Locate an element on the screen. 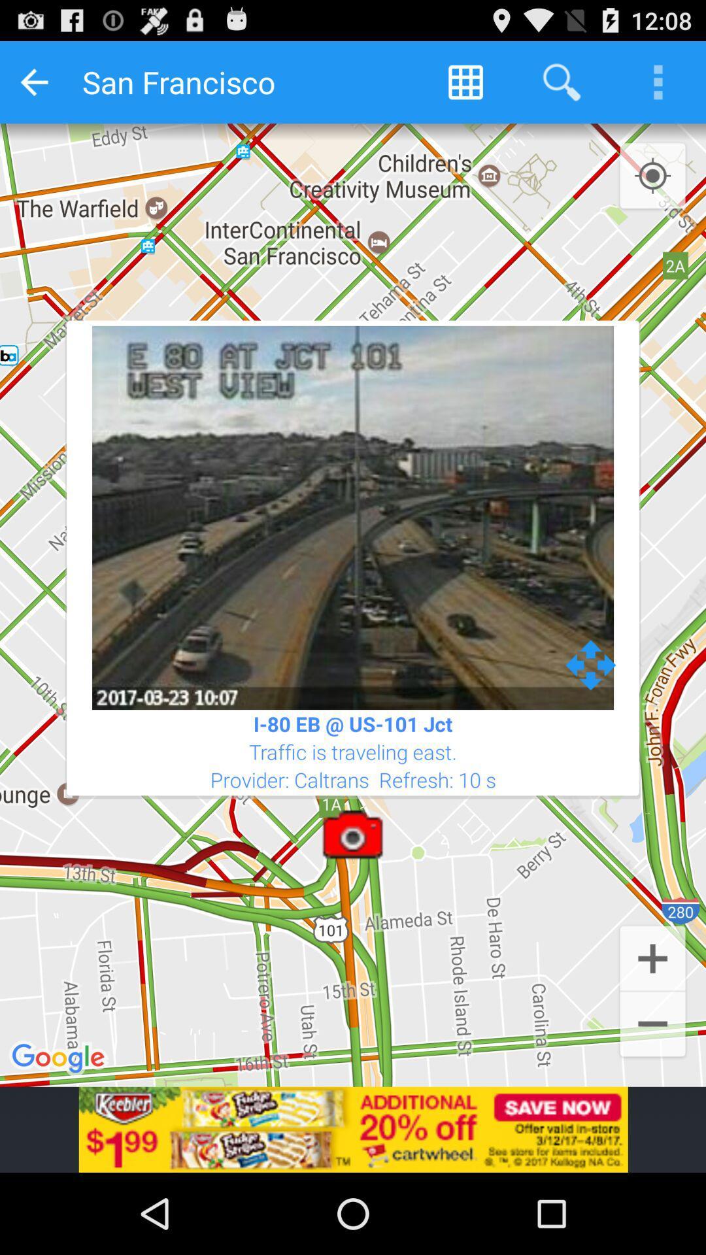  the add icon is located at coordinates (652, 1024).